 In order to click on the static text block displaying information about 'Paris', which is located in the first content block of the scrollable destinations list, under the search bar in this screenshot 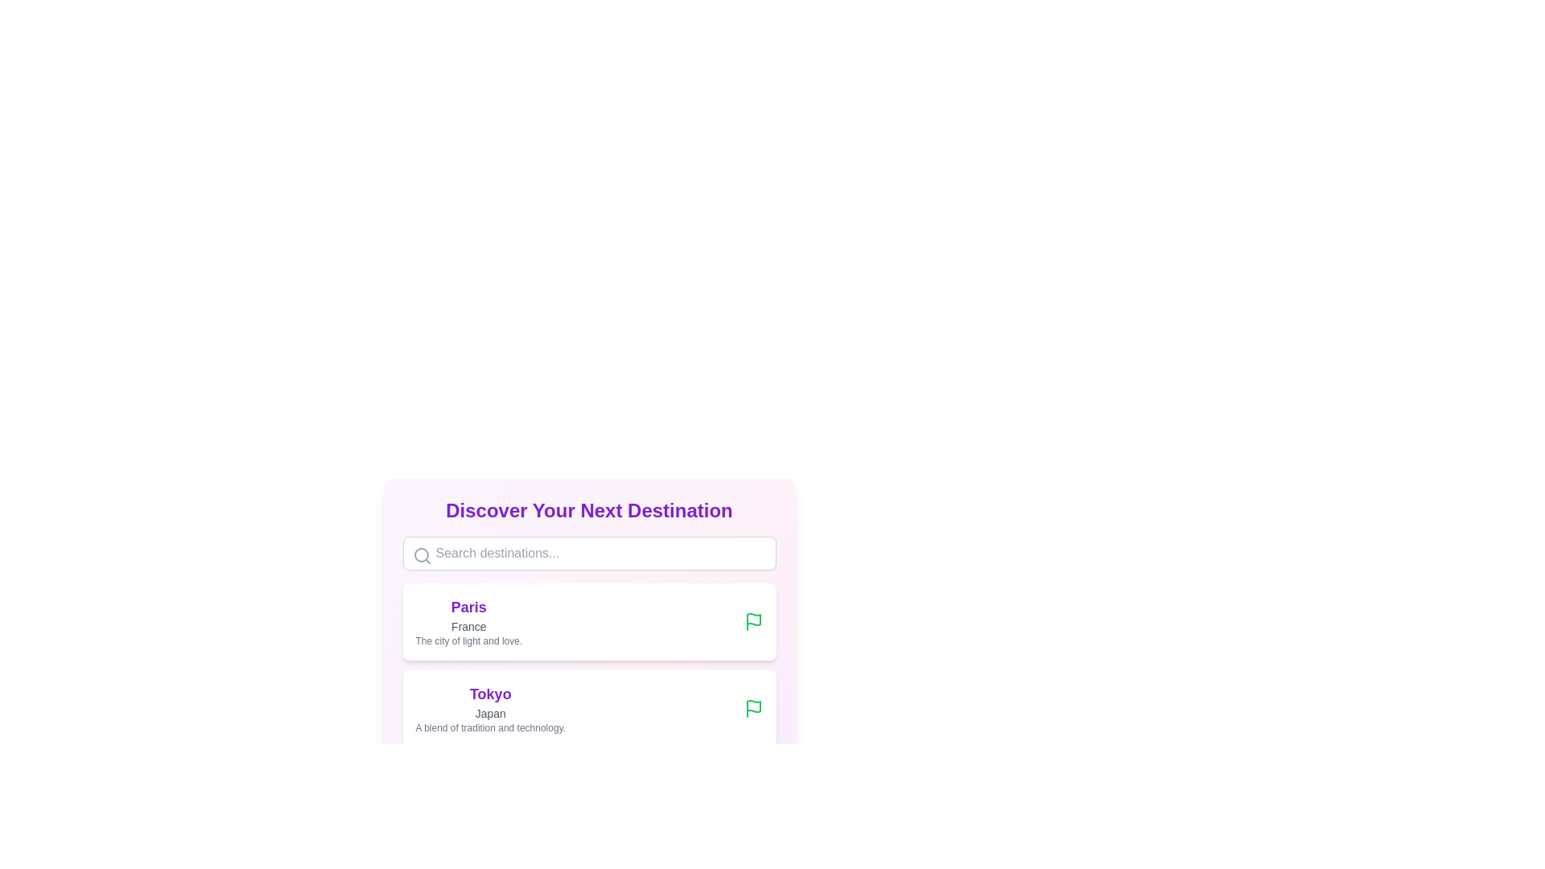, I will do `click(468, 620)`.